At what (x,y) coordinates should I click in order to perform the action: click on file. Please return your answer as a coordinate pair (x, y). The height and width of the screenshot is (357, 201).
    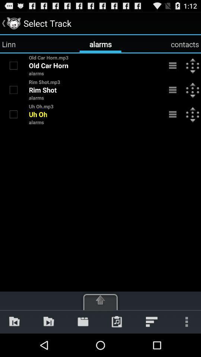
    Looking at the image, I should click on (13, 65).